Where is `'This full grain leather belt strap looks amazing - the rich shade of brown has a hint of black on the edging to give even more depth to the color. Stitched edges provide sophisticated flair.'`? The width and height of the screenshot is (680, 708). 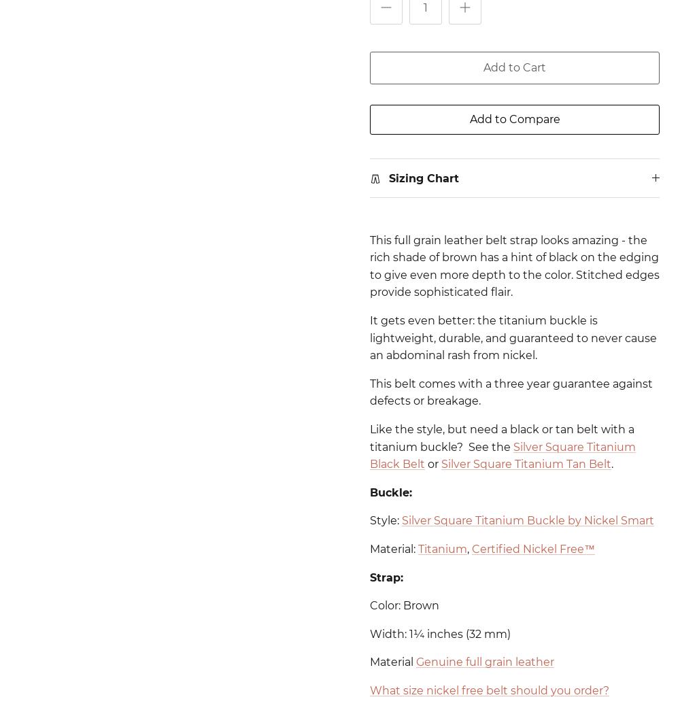 'This full grain leather belt strap looks amazing - the rich shade of brown has a hint of black on the edging to give even more depth to the color. Stitched edges provide sophisticated flair.' is located at coordinates (515, 265).